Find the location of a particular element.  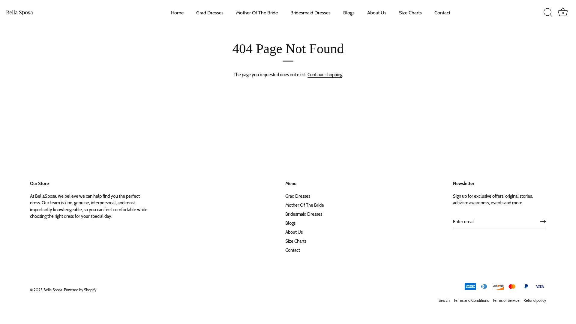

'RIGHT ARROW LONG' is located at coordinates (543, 222).